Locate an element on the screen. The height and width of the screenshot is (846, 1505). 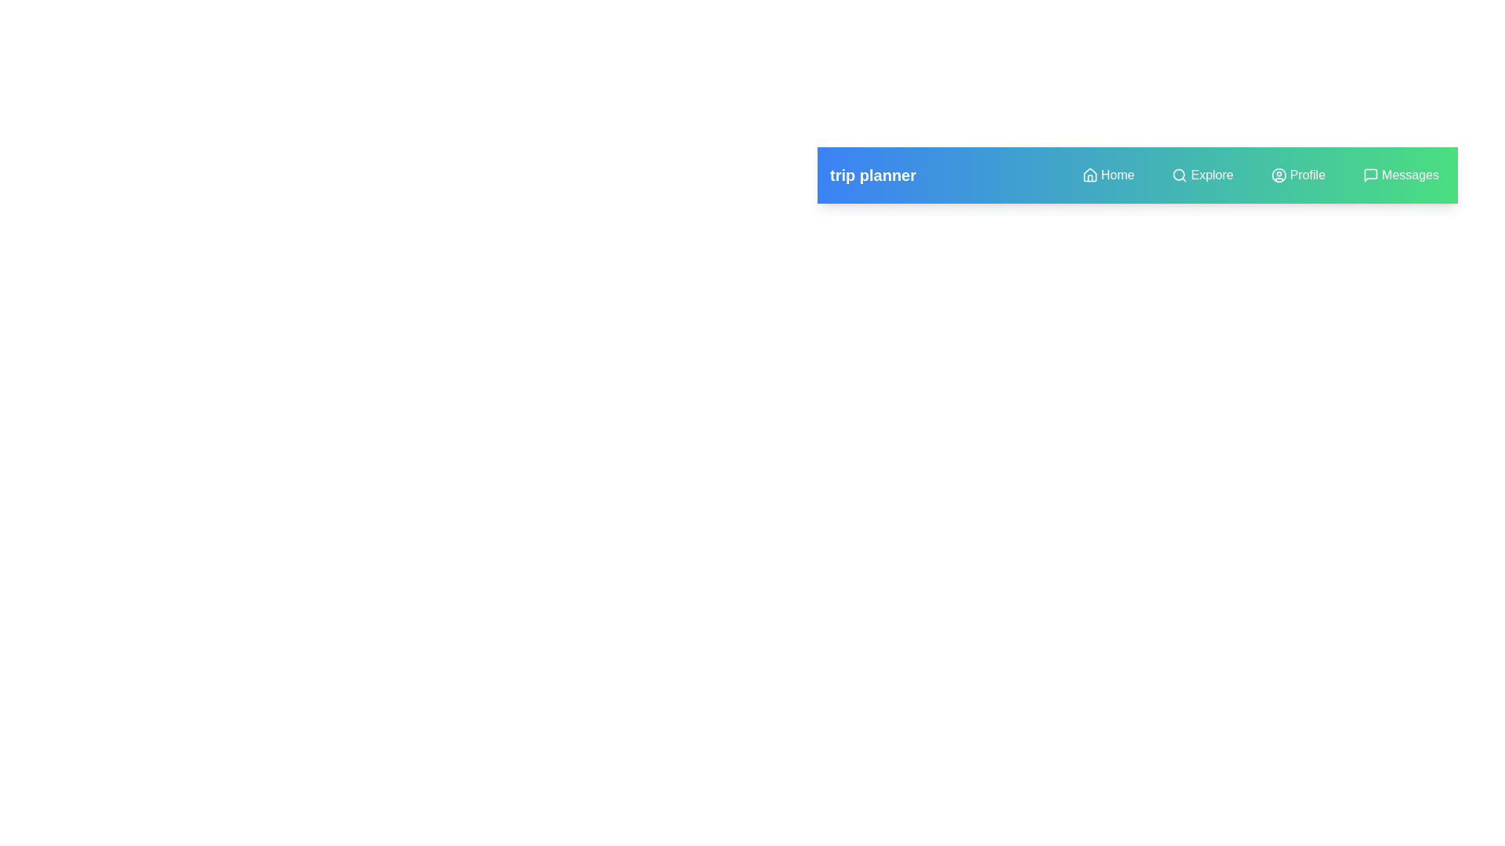
the menu item Profile to observe visual feedback is located at coordinates (1298, 175).